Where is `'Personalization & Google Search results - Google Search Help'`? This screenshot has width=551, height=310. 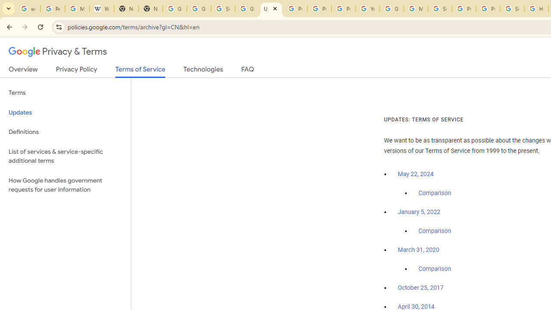 'Personalization & Google Search results - Google Search Help' is located at coordinates (52, 9).